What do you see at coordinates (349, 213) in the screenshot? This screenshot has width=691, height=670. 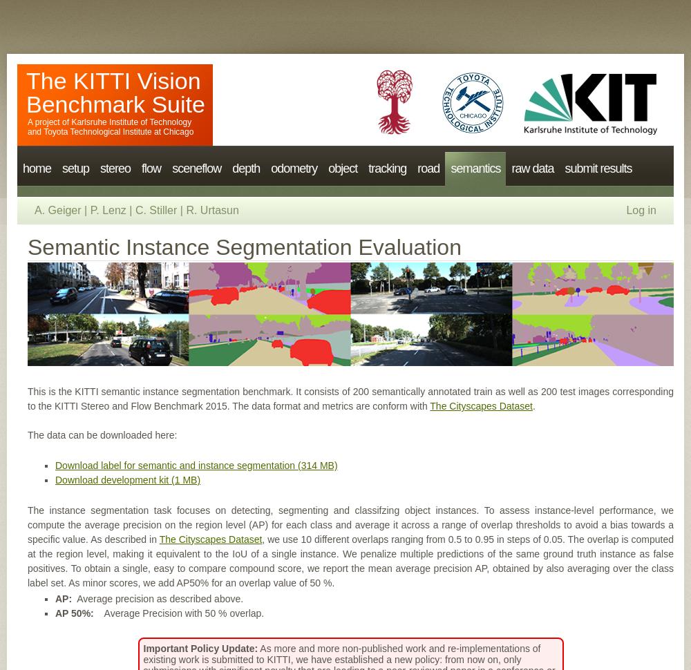 I see `'3d object'` at bounding box center [349, 213].